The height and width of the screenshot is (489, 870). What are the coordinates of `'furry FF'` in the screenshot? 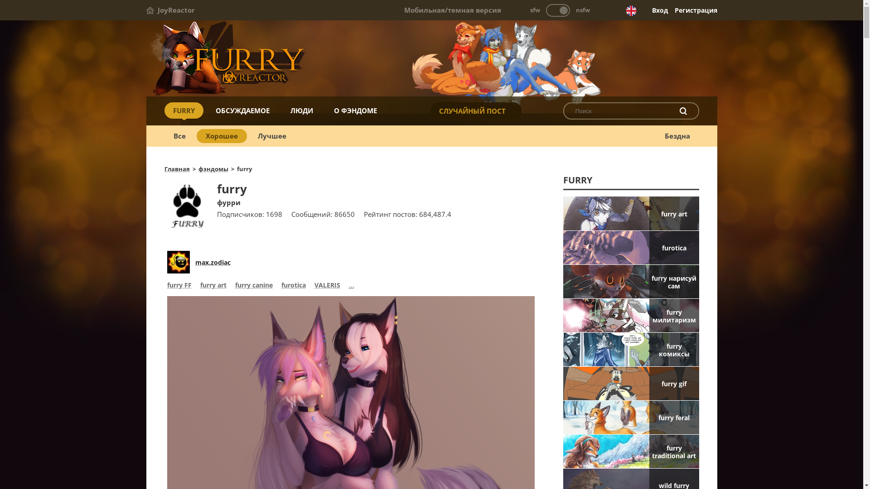 It's located at (179, 286).